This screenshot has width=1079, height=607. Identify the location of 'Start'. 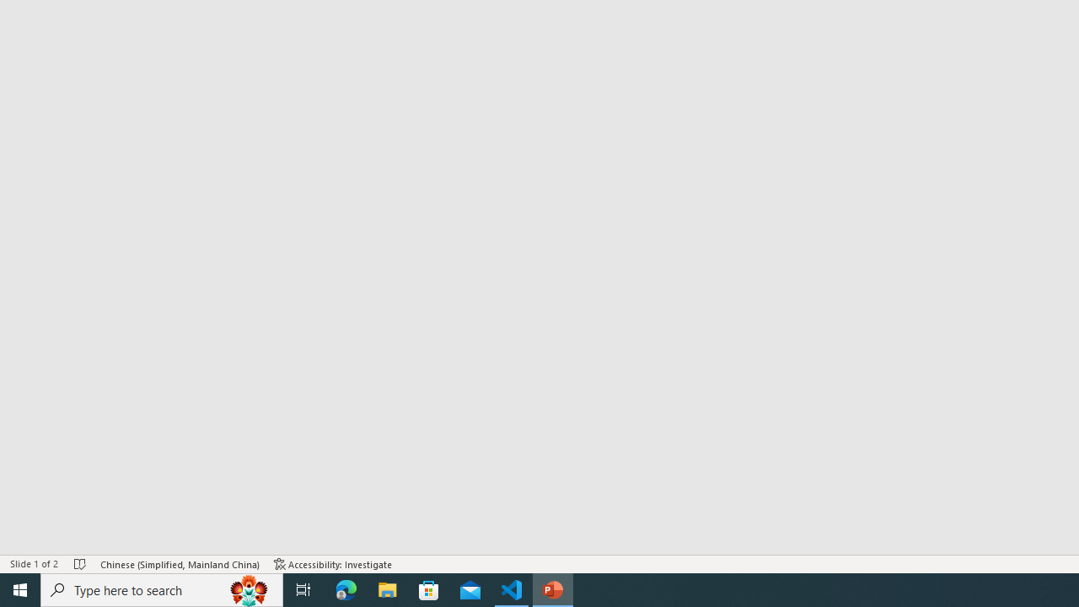
(20, 588).